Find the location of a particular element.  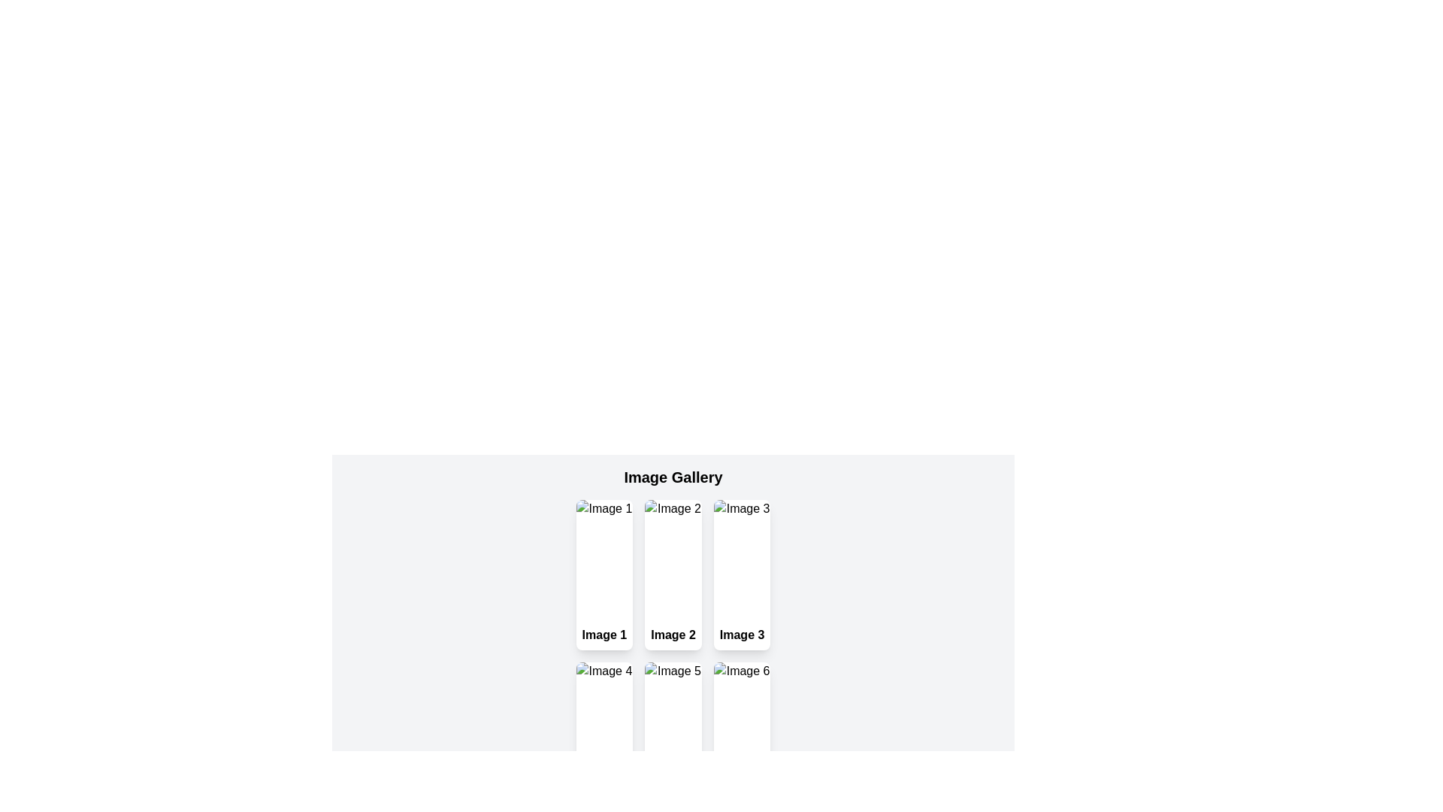

the bold text label 'Image Gallery' that is center-aligned at the top of the section with a light gray background is located at coordinates (673, 477).